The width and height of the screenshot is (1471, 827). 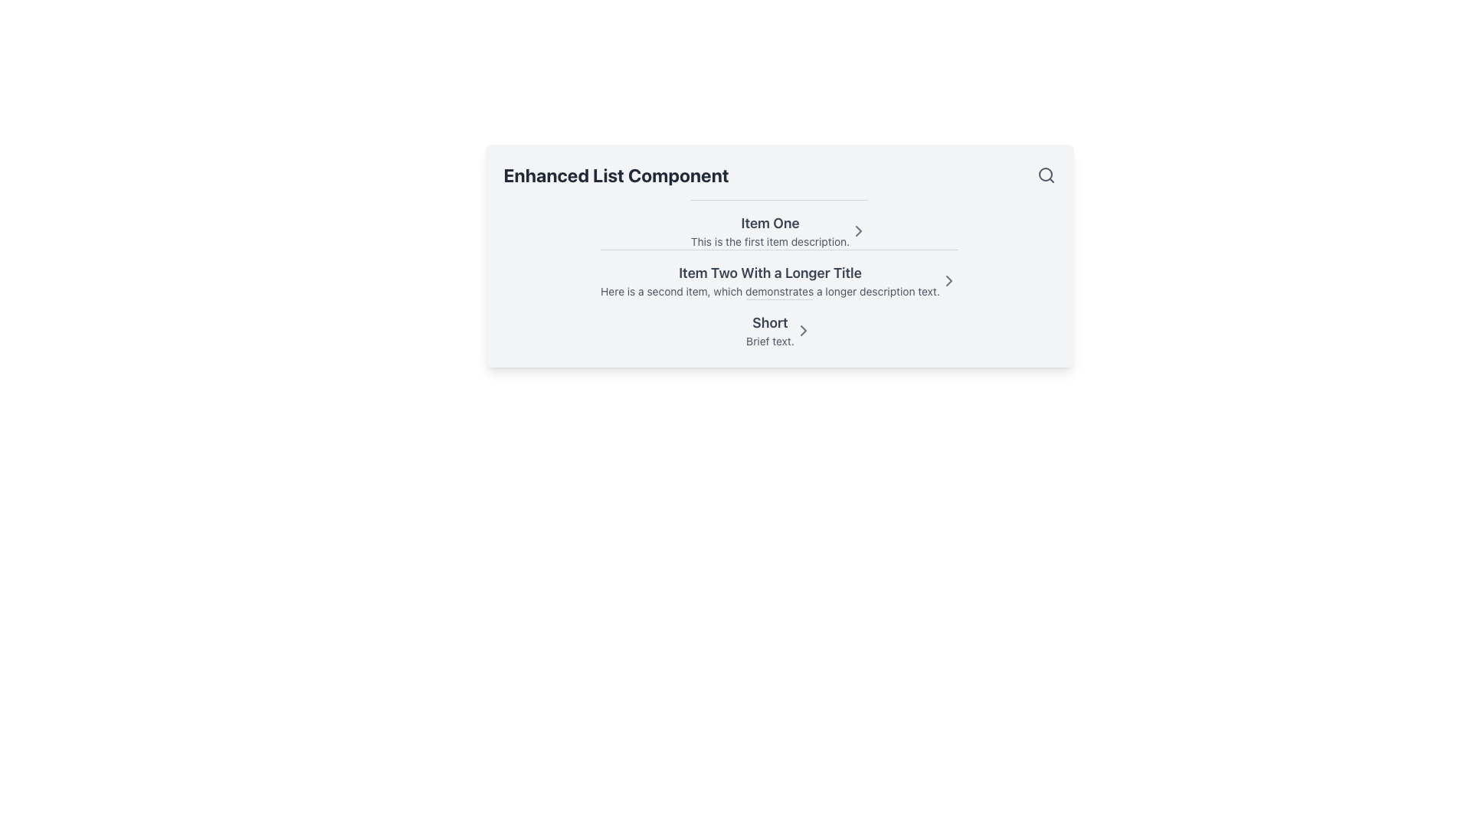 What do you see at coordinates (948, 280) in the screenshot?
I see `the right-facing chevron icon styled in gray, located to the far right of the textual item 'Item Two With a Longer Title'` at bounding box center [948, 280].